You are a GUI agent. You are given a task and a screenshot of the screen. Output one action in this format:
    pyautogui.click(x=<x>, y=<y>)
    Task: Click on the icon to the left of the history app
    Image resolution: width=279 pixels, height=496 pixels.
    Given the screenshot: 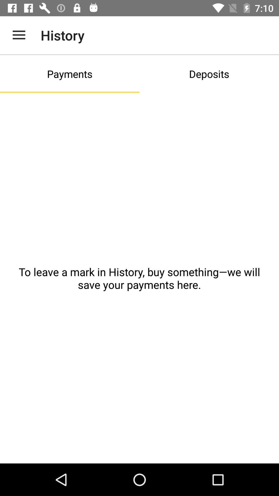 What is the action you would take?
    pyautogui.click(x=19, y=35)
    